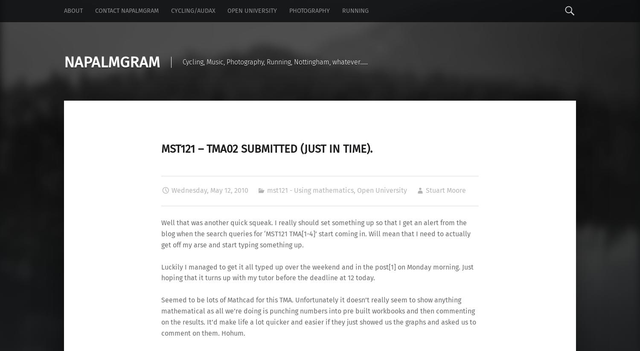 This screenshot has width=640, height=351. Describe the element at coordinates (64, 62) in the screenshot. I see `'napalmgram'` at that location.